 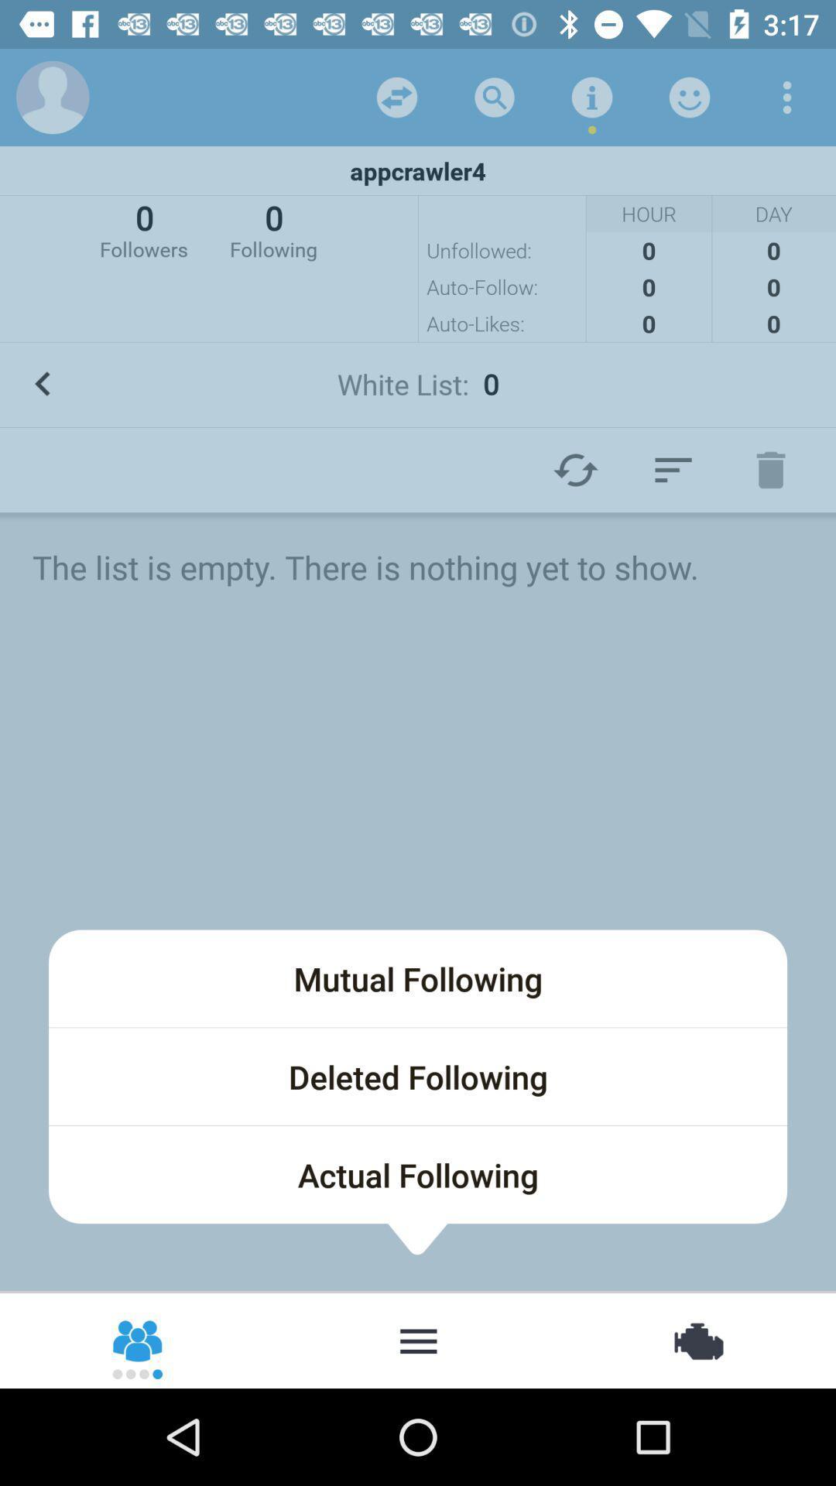 What do you see at coordinates (143, 228) in the screenshot?
I see `the 0` at bounding box center [143, 228].